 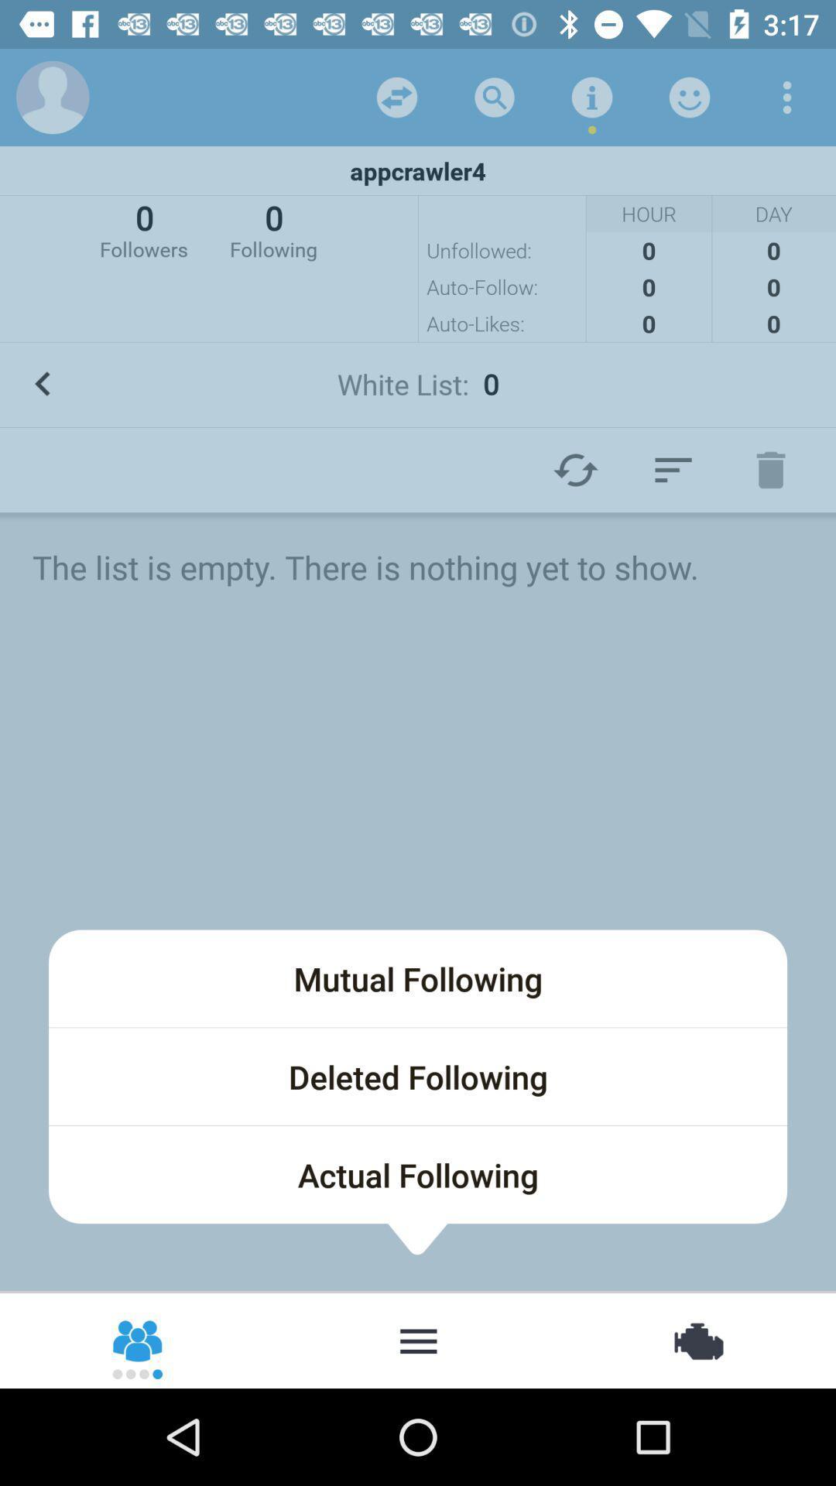 What do you see at coordinates (143, 228) in the screenshot?
I see `the 0` at bounding box center [143, 228].